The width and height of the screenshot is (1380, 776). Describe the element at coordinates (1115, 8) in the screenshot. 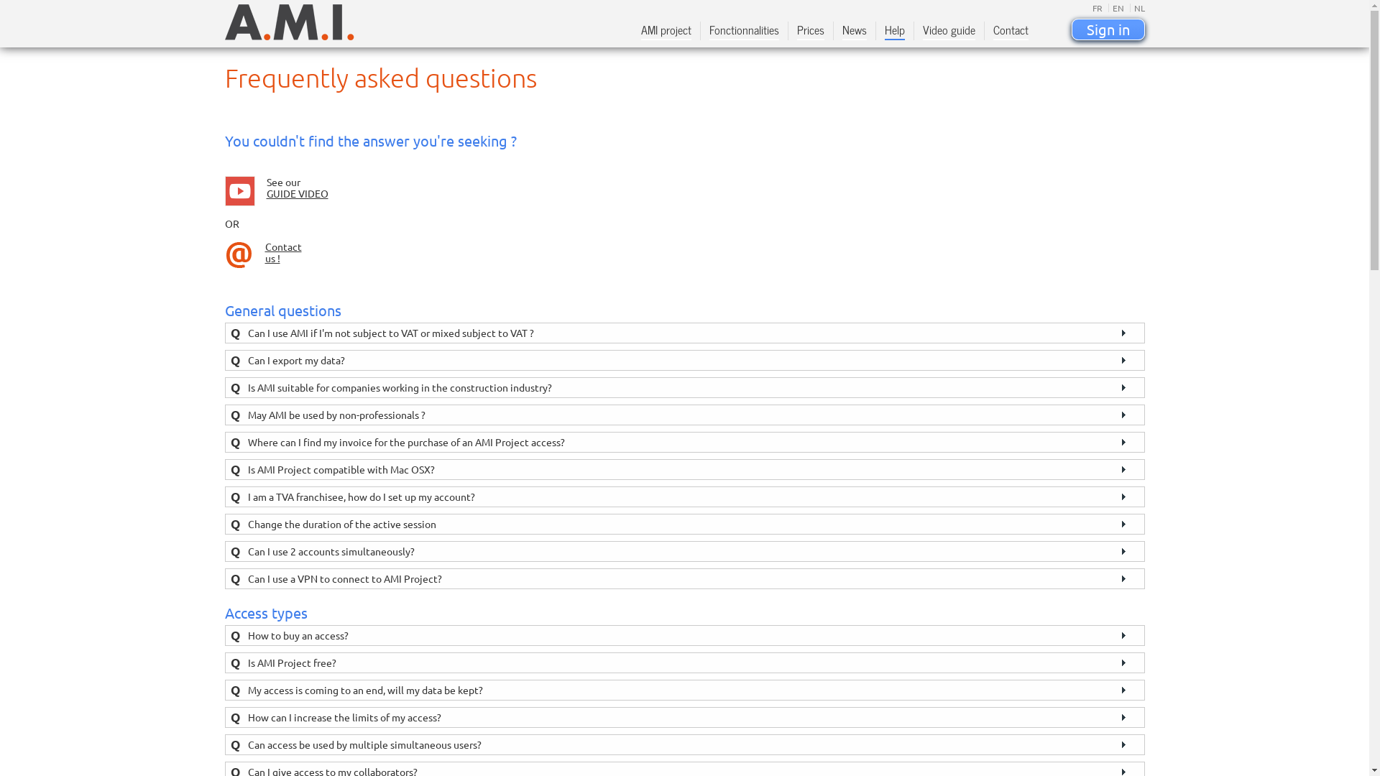

I see `'EN'` at that location.